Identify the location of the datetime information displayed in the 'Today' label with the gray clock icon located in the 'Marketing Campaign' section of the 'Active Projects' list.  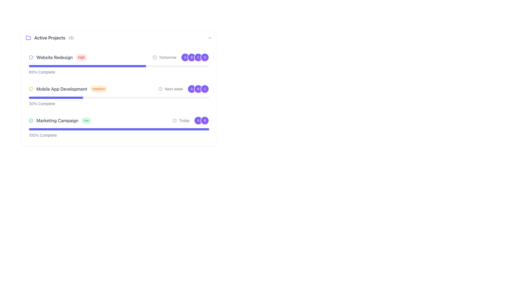
(181, 120).